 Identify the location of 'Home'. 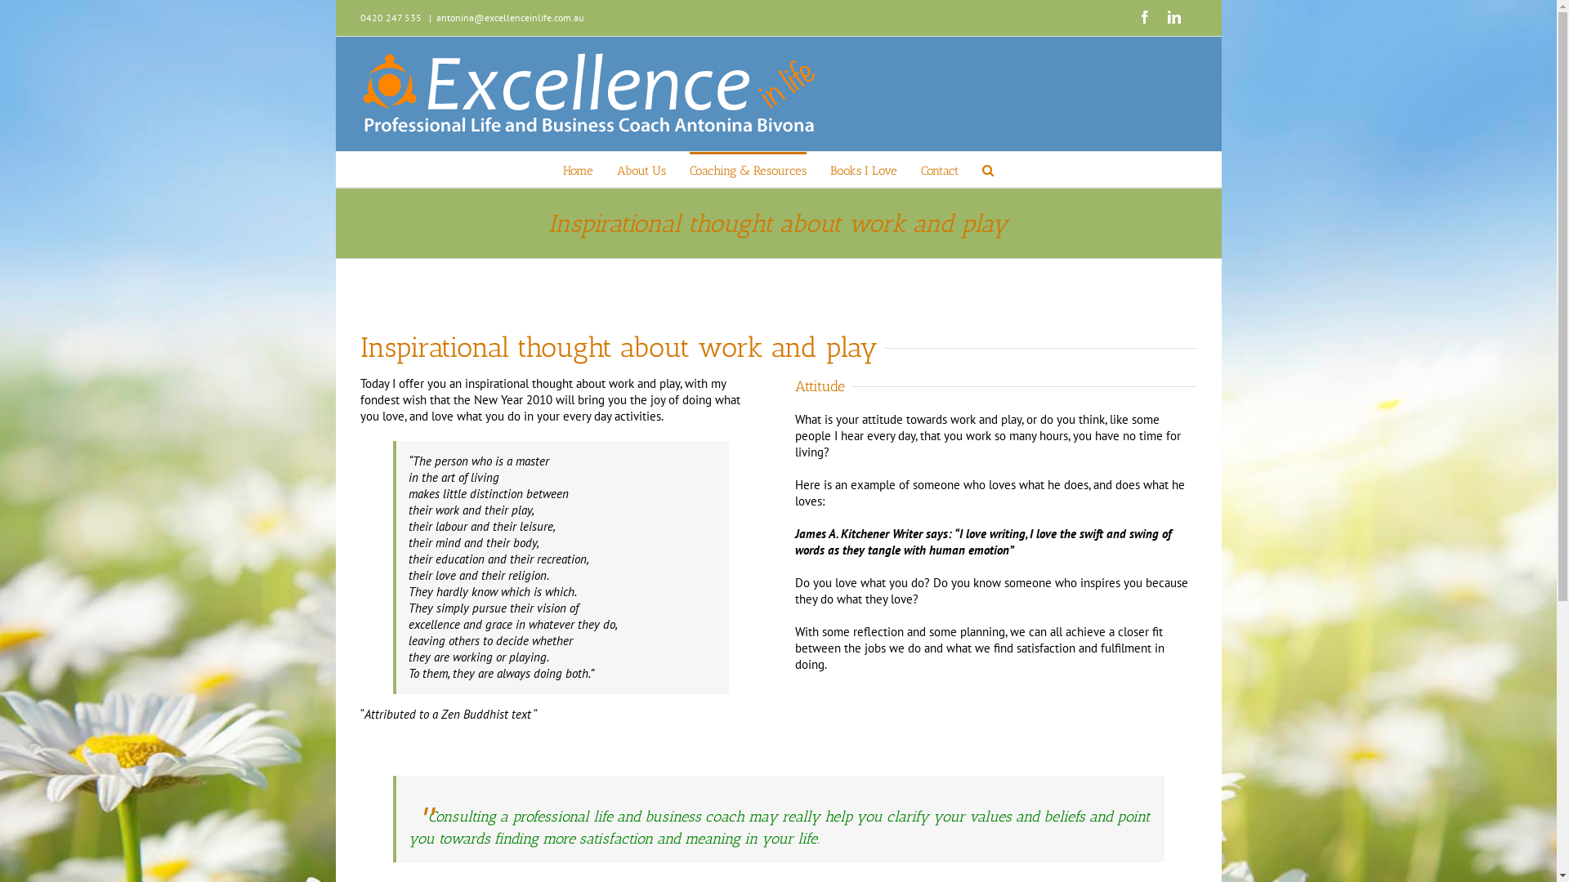
(578, 169).